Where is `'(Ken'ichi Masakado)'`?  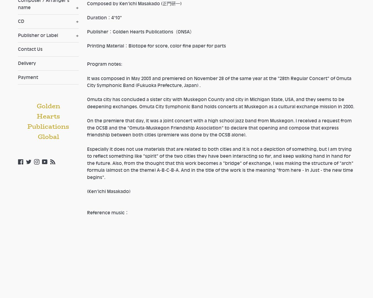 '(Ken'ichi Masakado)' is located at coordinates (109, 191).